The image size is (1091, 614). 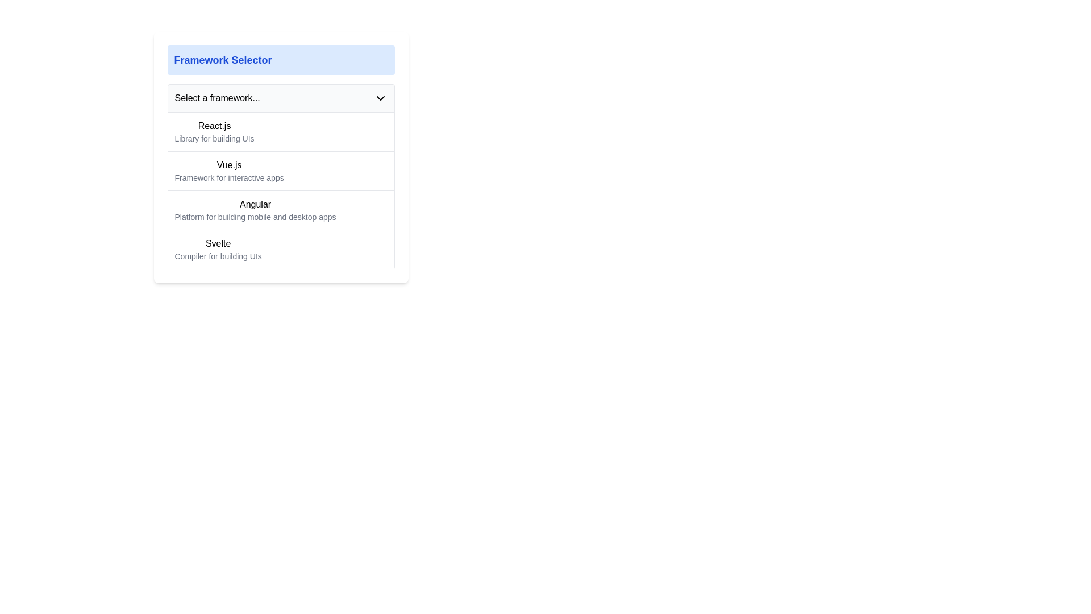 What do you see at coordinates (214, 126) in the screenshot?
I see `the 'React.js' text label` at bounding box center [214, 126].